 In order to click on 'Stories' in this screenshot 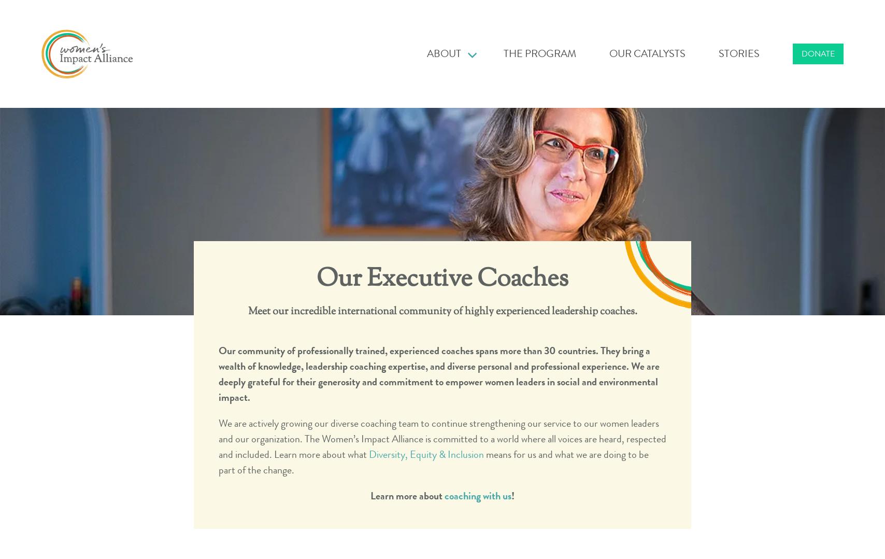, I will do `click(739, 53)`.